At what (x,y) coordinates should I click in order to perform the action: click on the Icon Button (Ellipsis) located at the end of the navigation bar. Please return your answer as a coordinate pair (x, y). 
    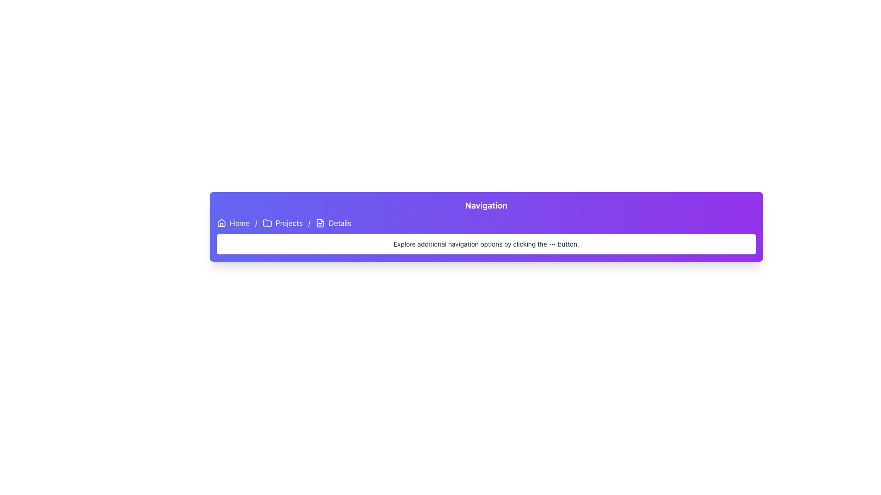
    Looking at the image, I should click on (552, 244).